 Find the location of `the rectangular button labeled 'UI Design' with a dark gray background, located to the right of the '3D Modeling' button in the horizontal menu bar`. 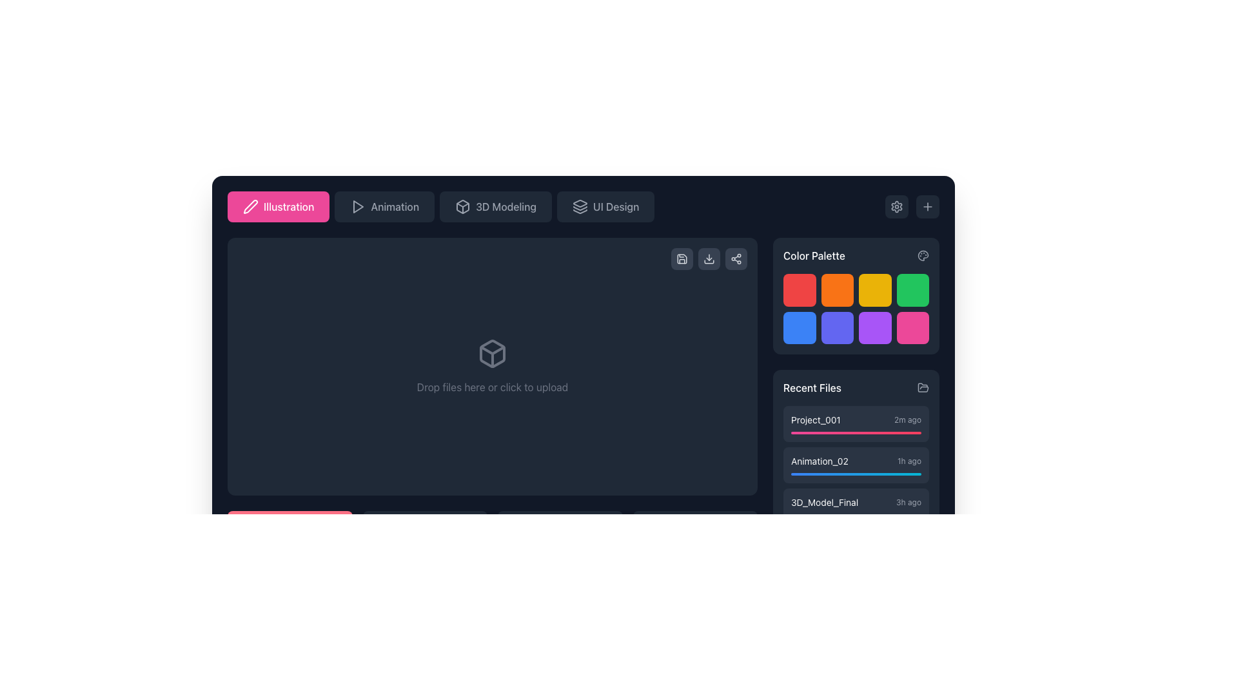

the rectangular button labeled 'UI Design' with a dark gray background, located to the right of the '3D Modeling' button in the horizontal menu bar is located at coordinates (605, 206).